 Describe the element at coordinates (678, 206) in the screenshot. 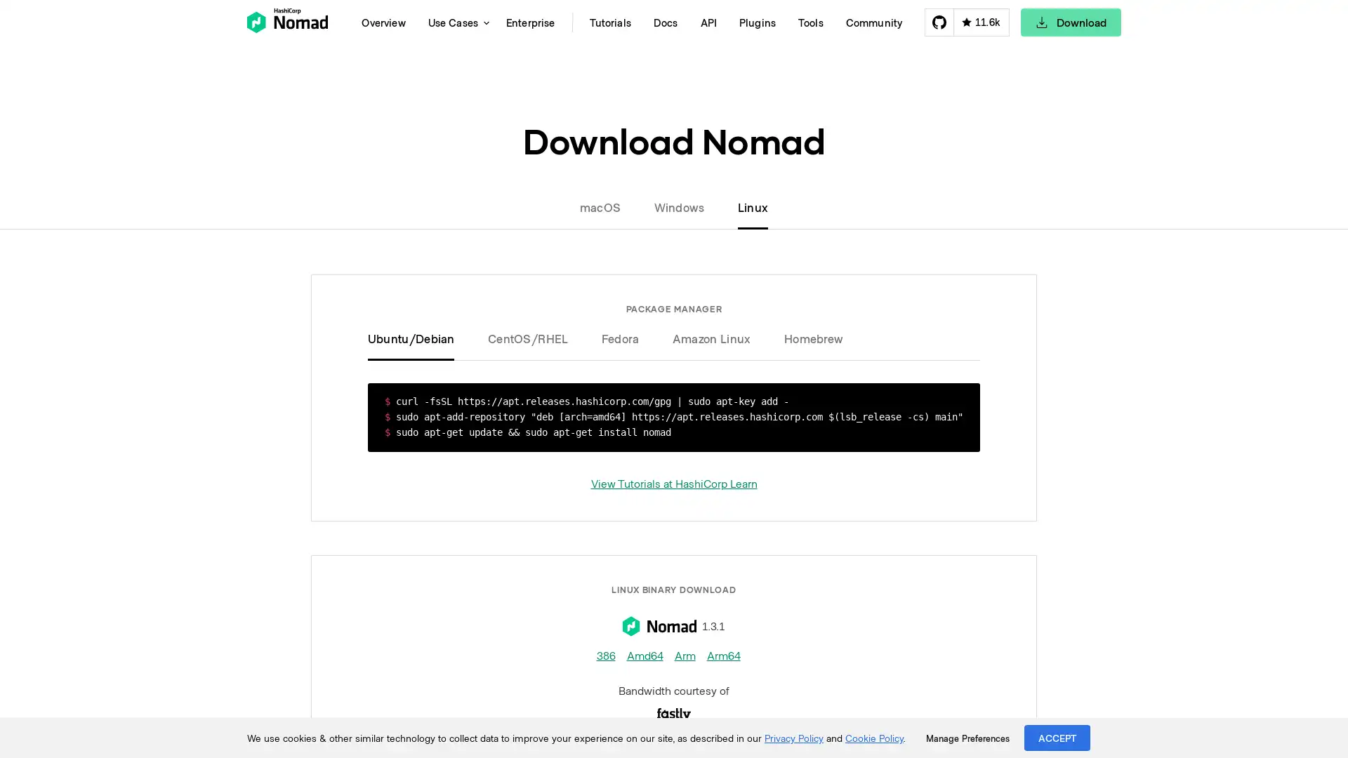

I see `Windows` at that location.